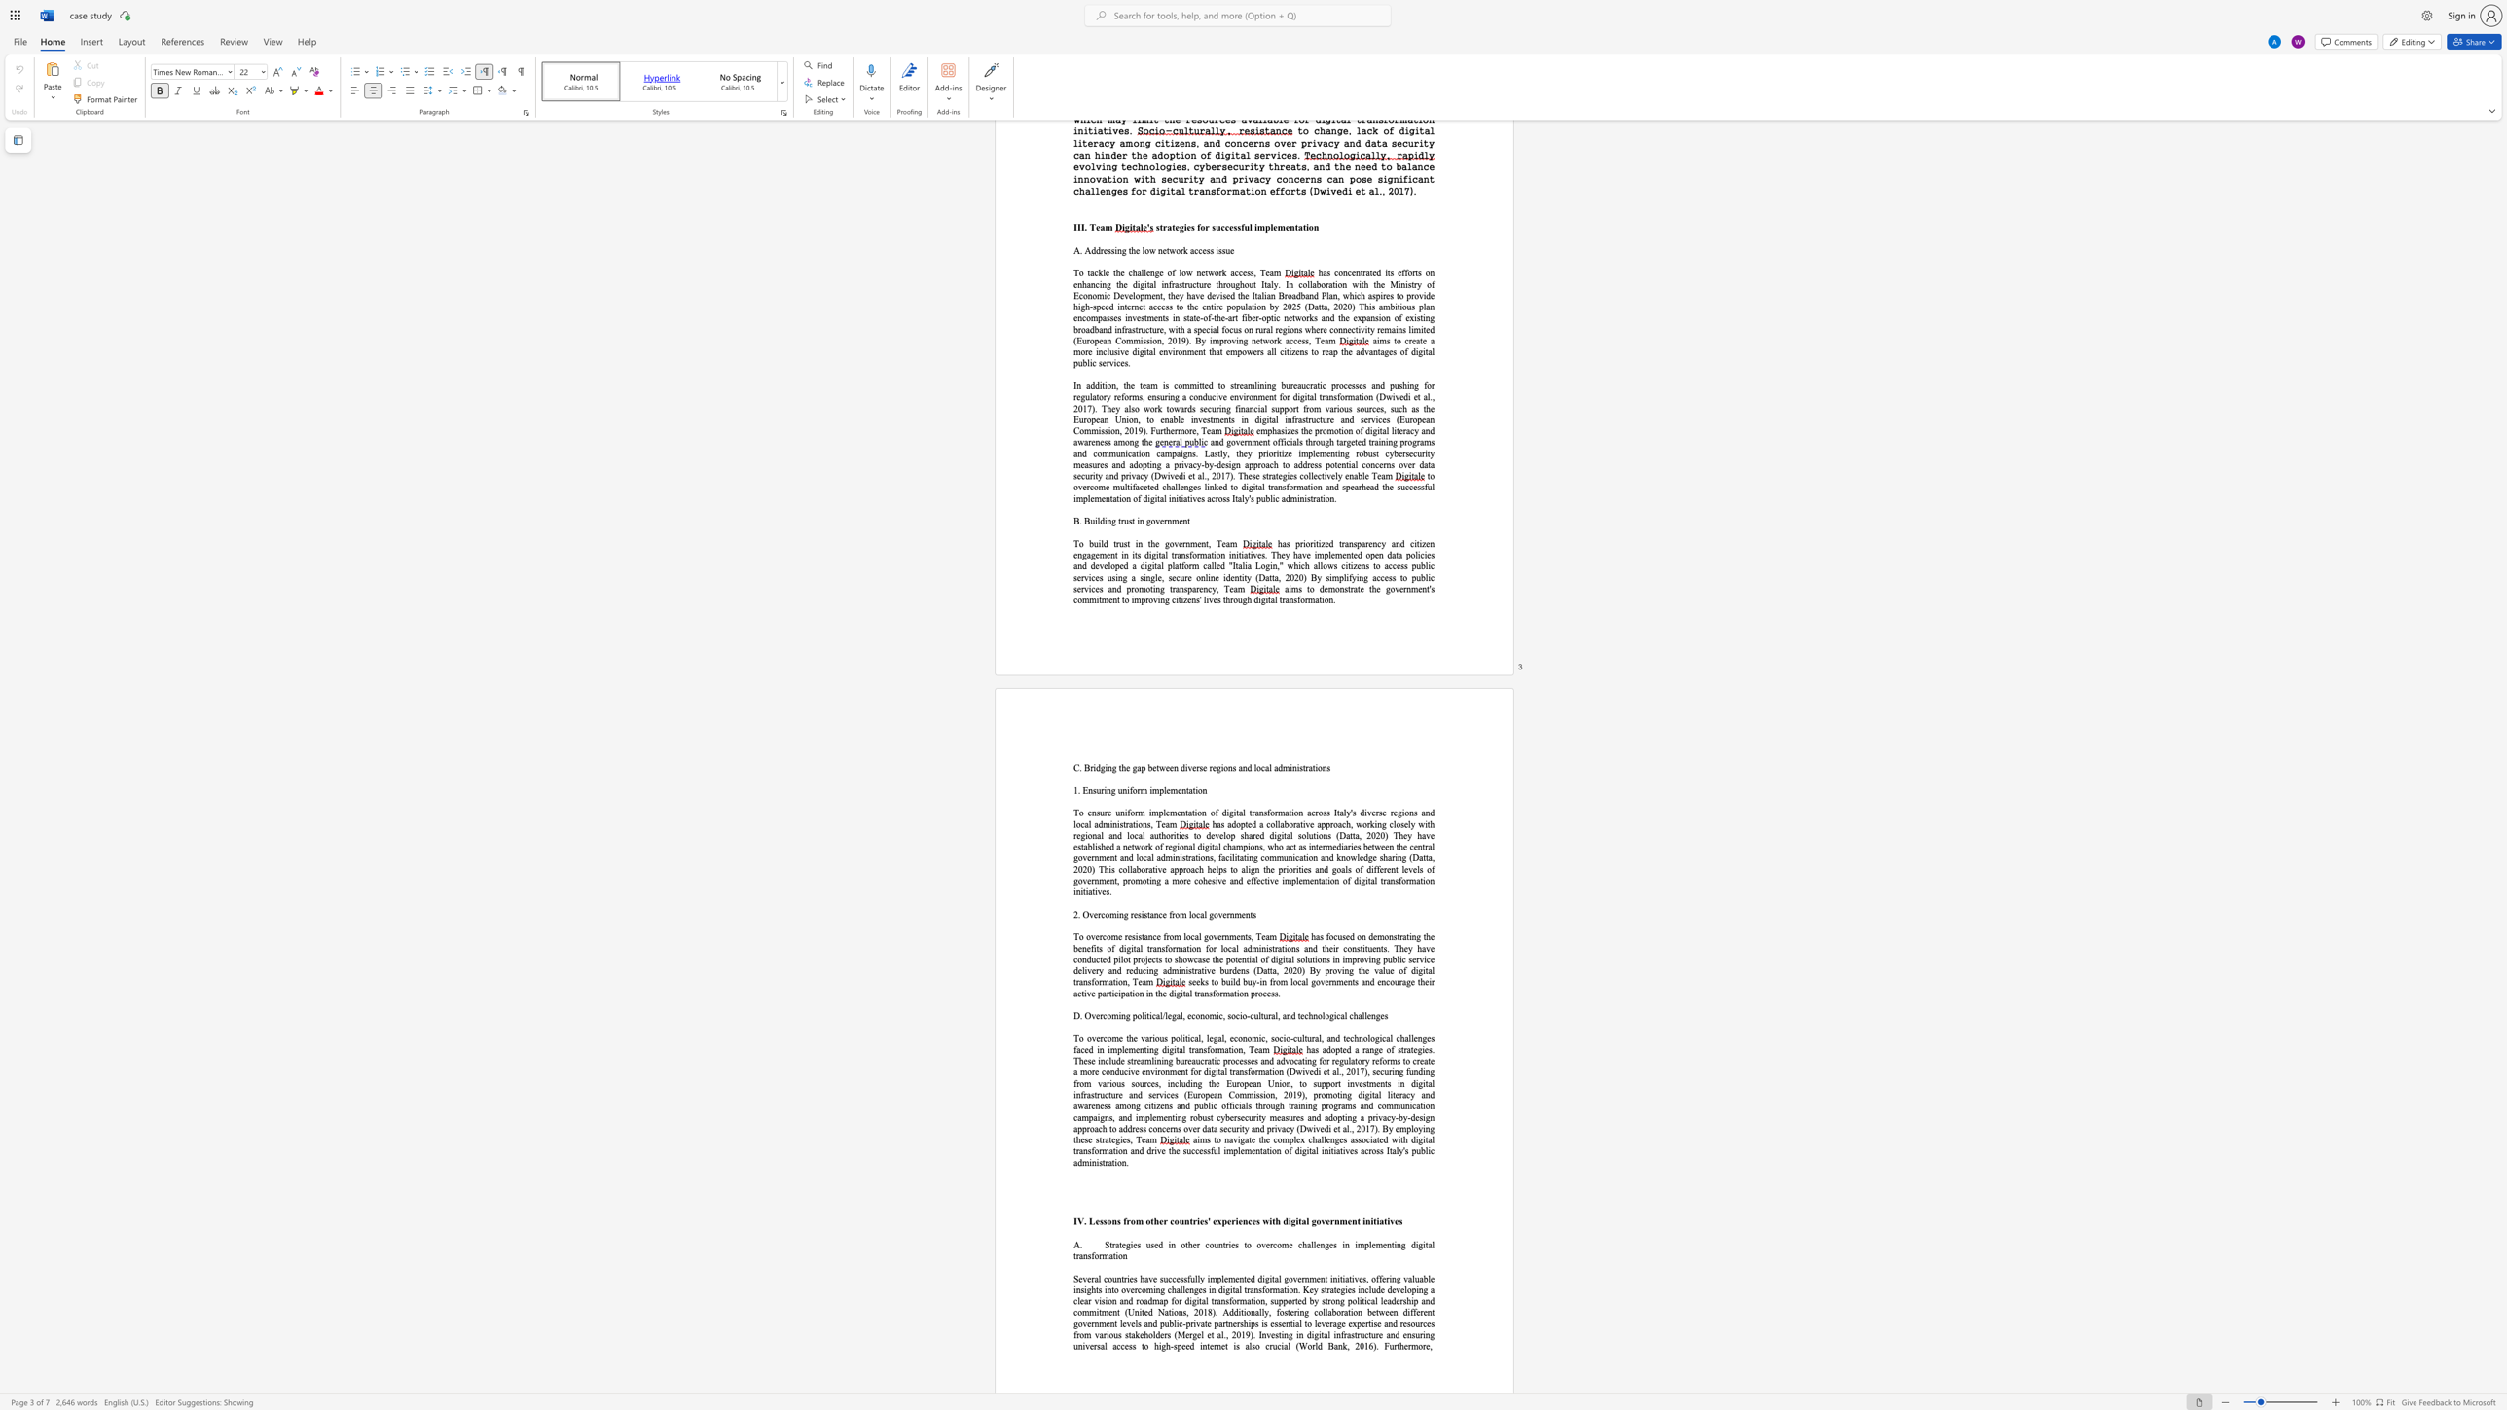  Describe the element at coordinates (1140, 767) in the screenshot. I see `the subset text "p between diverse regions and loc" within the text "C. Bridging the gap between diverse regions and local administrations"` at that location.